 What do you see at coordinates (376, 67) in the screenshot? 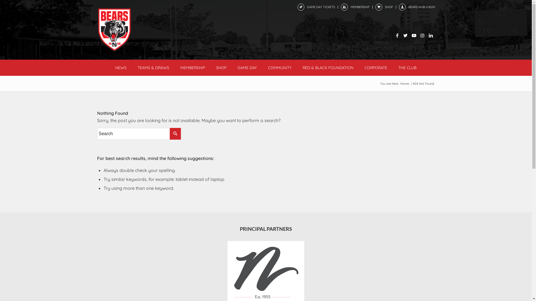
I see `'CORPORATE'` at bounding box center [376, 67].